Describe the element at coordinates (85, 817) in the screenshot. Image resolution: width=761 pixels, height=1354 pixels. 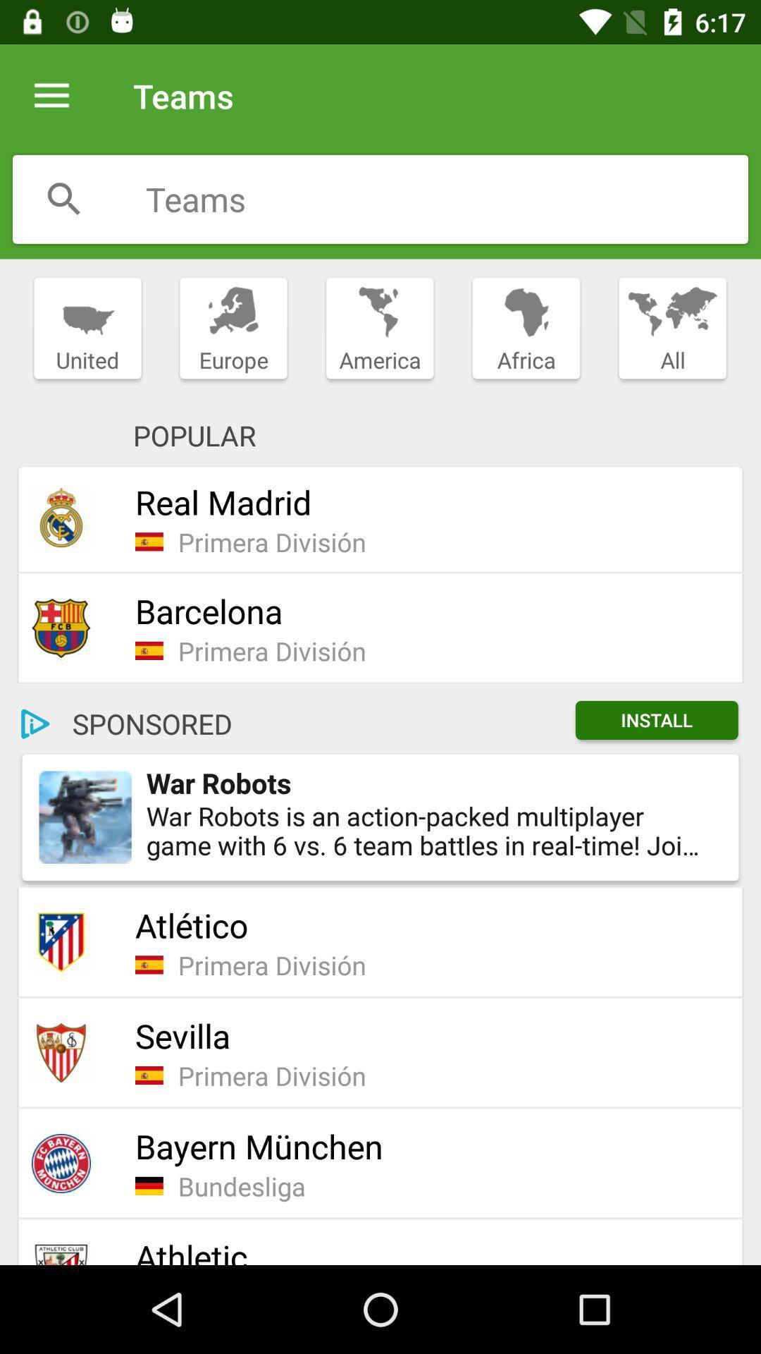
I see `icon to the left of war robots item` at that location.